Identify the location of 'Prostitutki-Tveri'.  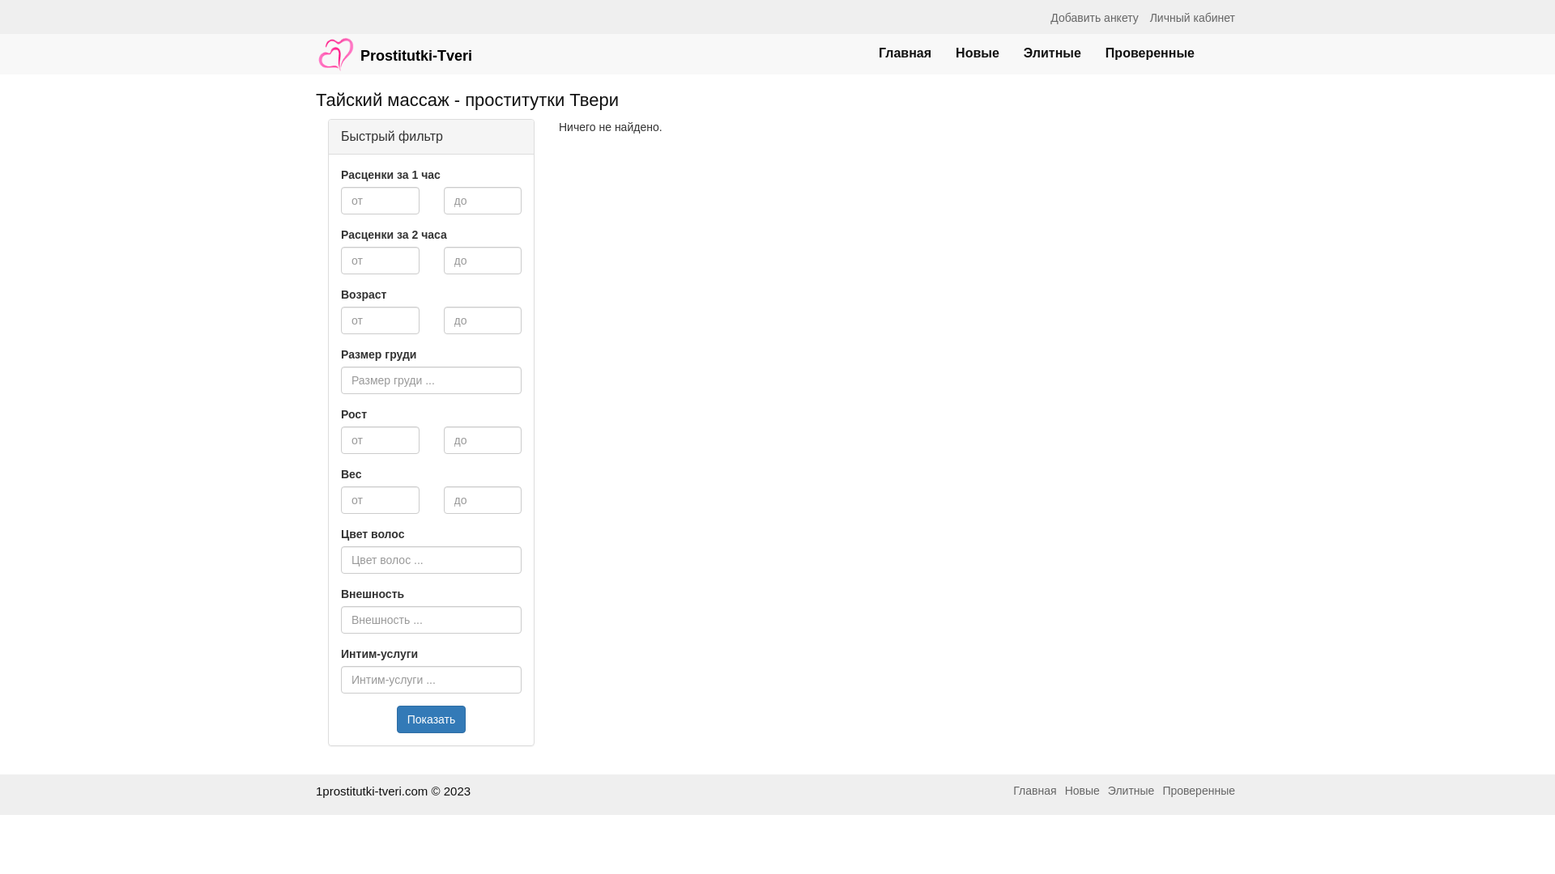
(394, 45).